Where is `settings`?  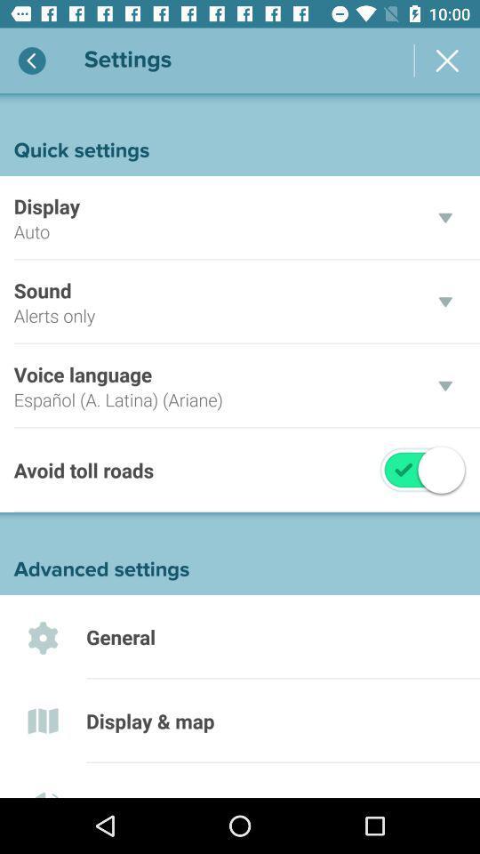 settings is located at coordinates (446, 60).